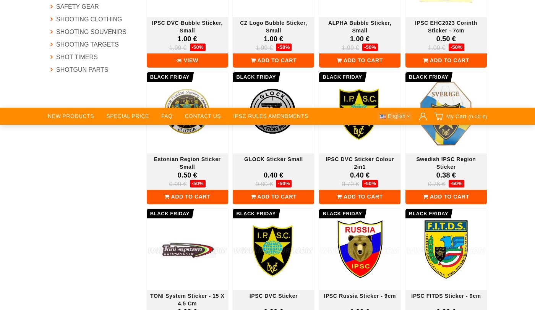  Describe the element at coordinates (241, 58) in the screenshot. I see `'Policies'` at that location.